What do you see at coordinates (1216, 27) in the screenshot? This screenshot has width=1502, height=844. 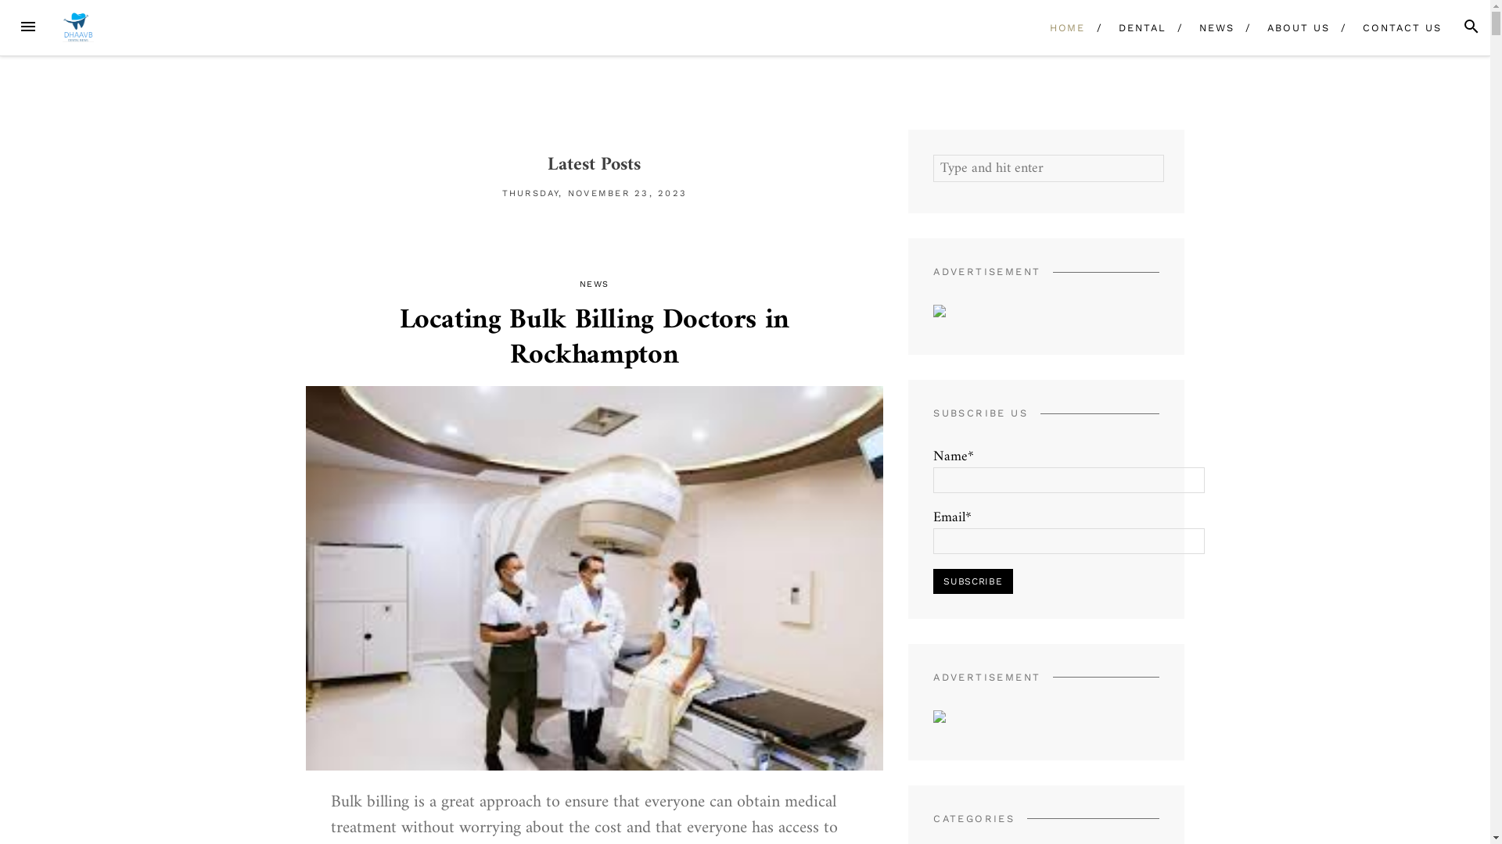 I see `'NEWS'` at bounding box center [1216, 27].